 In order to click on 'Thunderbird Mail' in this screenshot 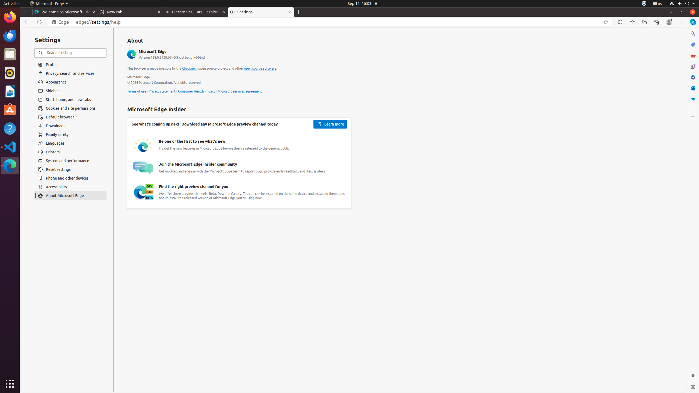, I will do `click(10, 35)`.